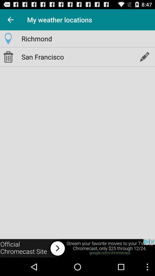  I want to click on edit, so click(144, 57).